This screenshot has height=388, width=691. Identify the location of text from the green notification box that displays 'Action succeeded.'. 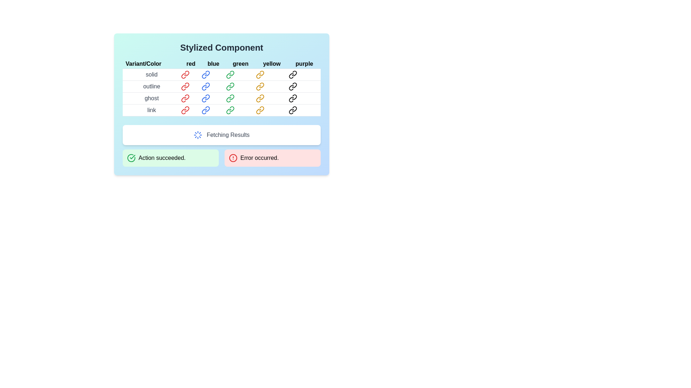
(170, 157).